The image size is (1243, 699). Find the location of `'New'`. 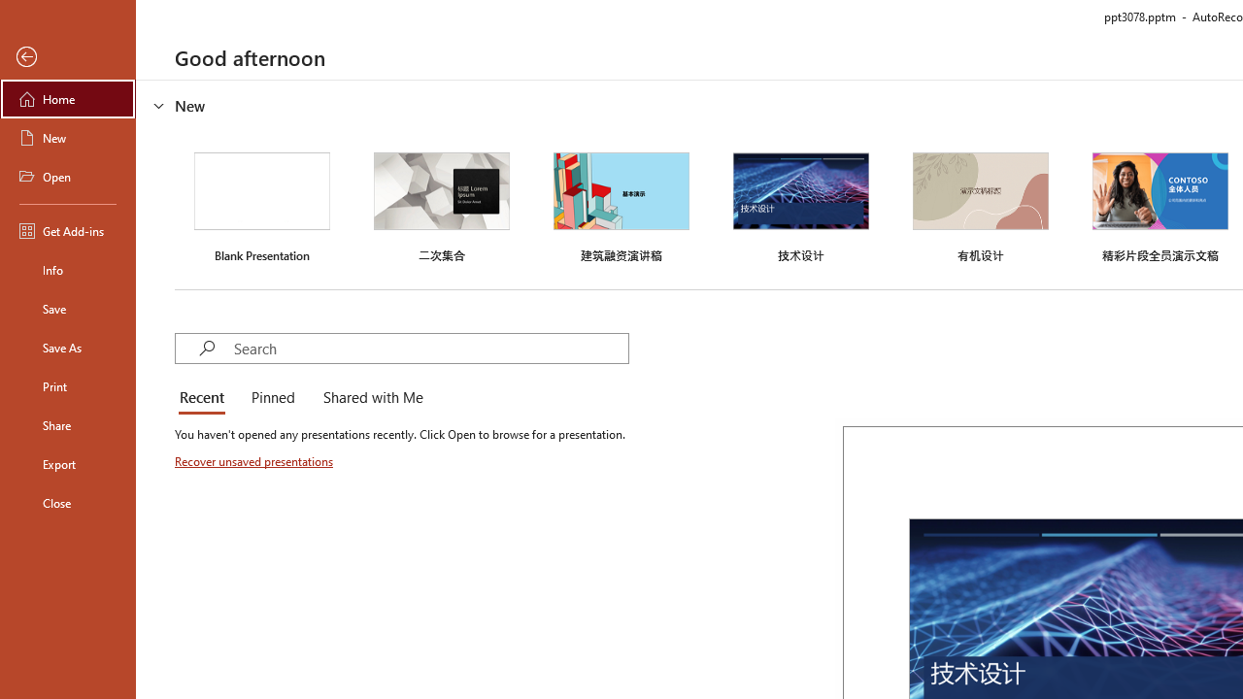

'New' is located at coordinates (67, 136).